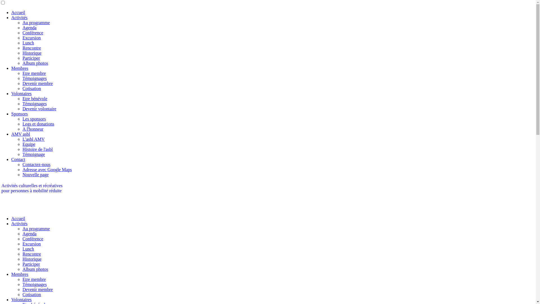  I want to click on 'Accueil', so click(18, 218).